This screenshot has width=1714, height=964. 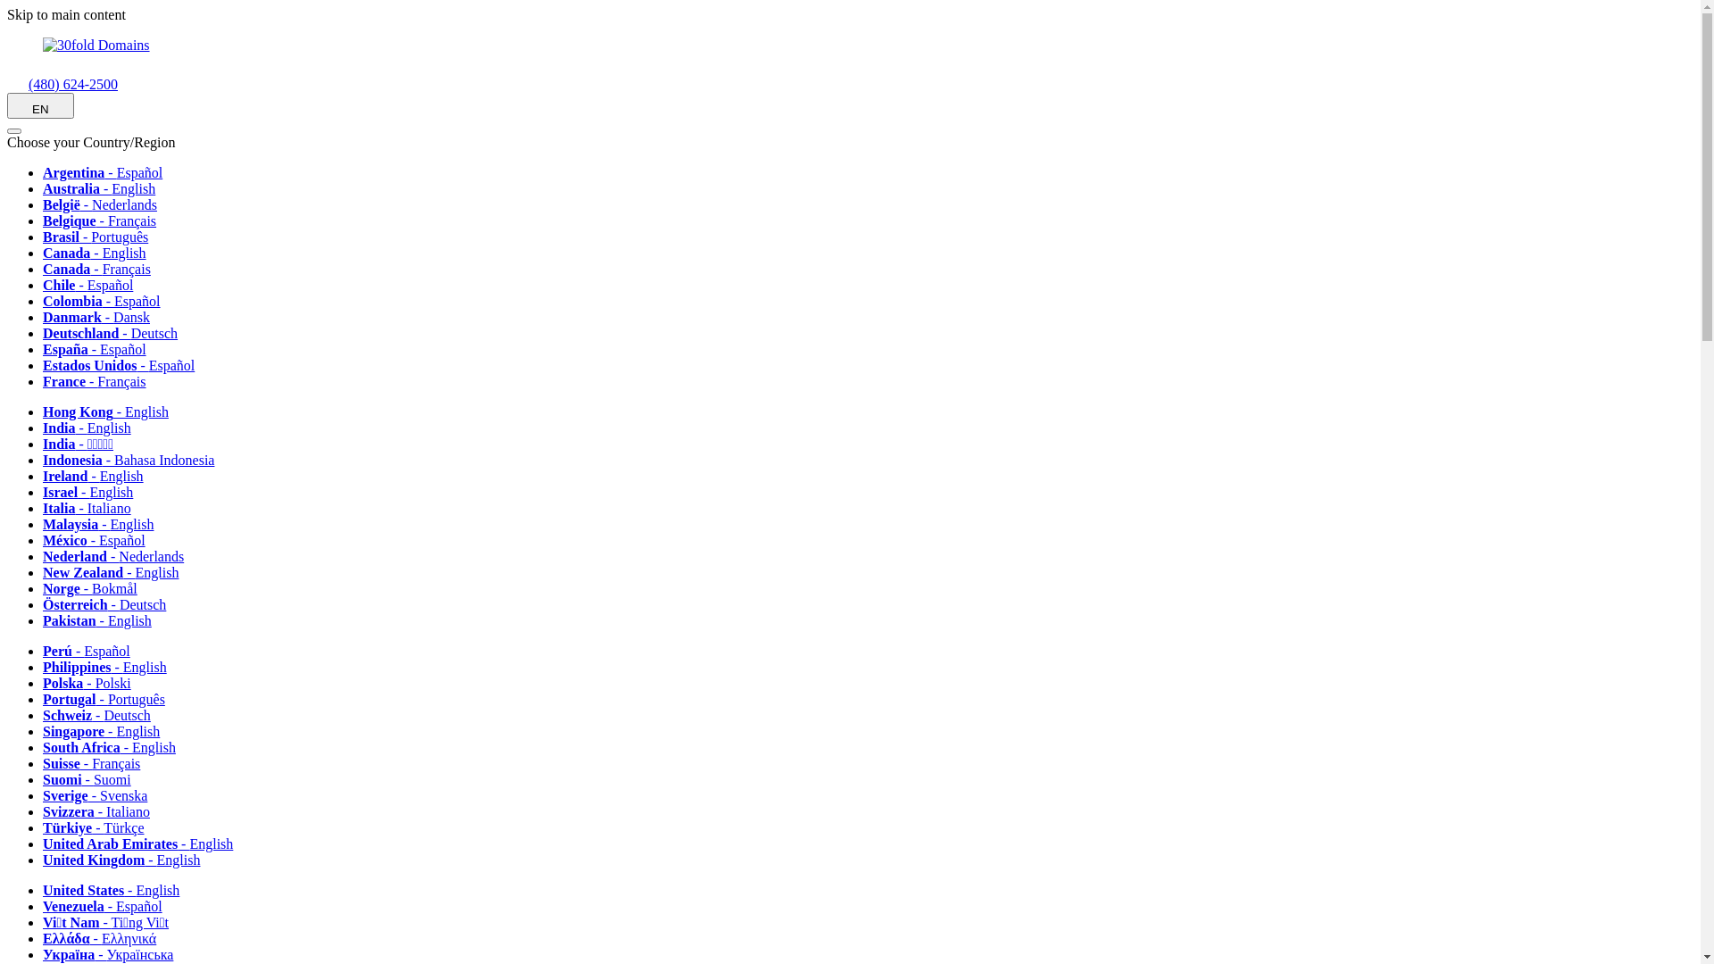 I want to click on 'Canada - English', so click(x=43, y=253).